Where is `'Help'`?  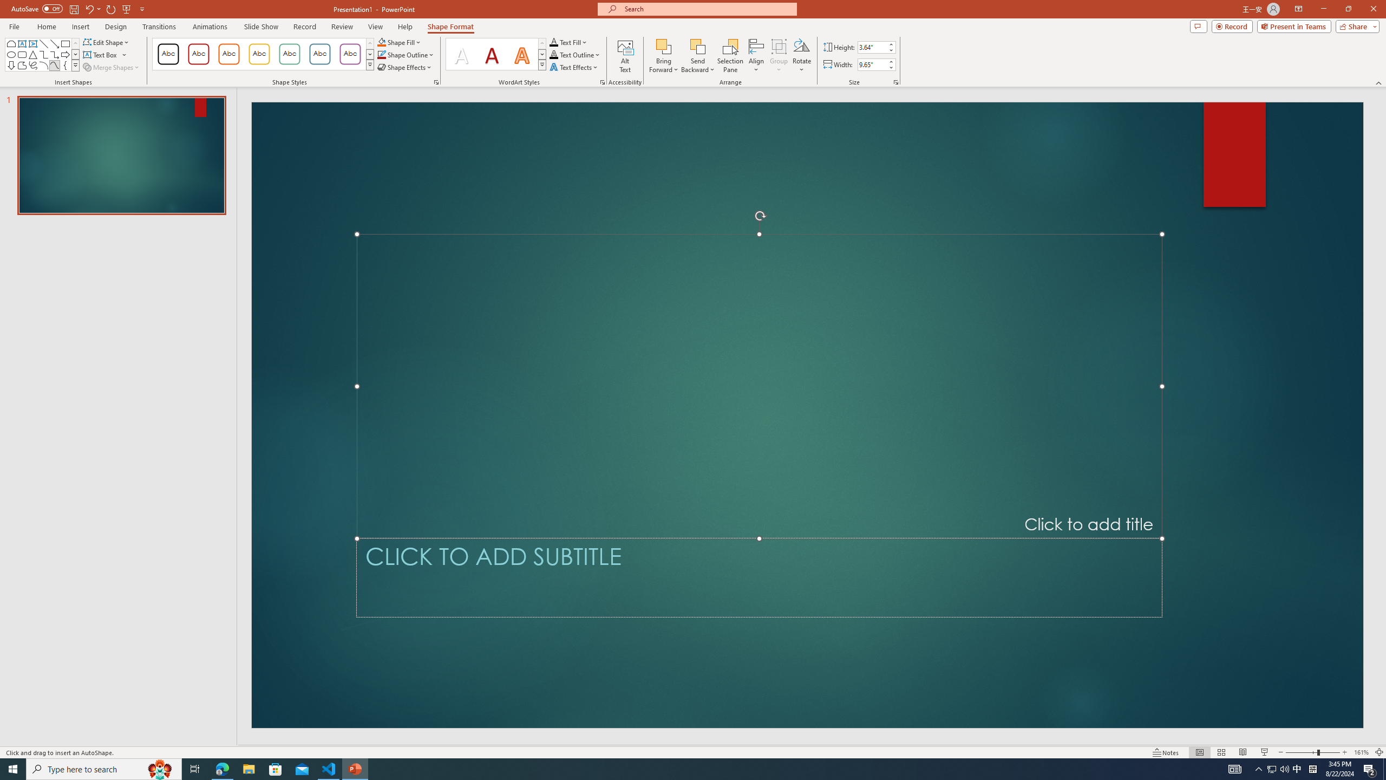 'Help' is located at coordinates (404, 27).